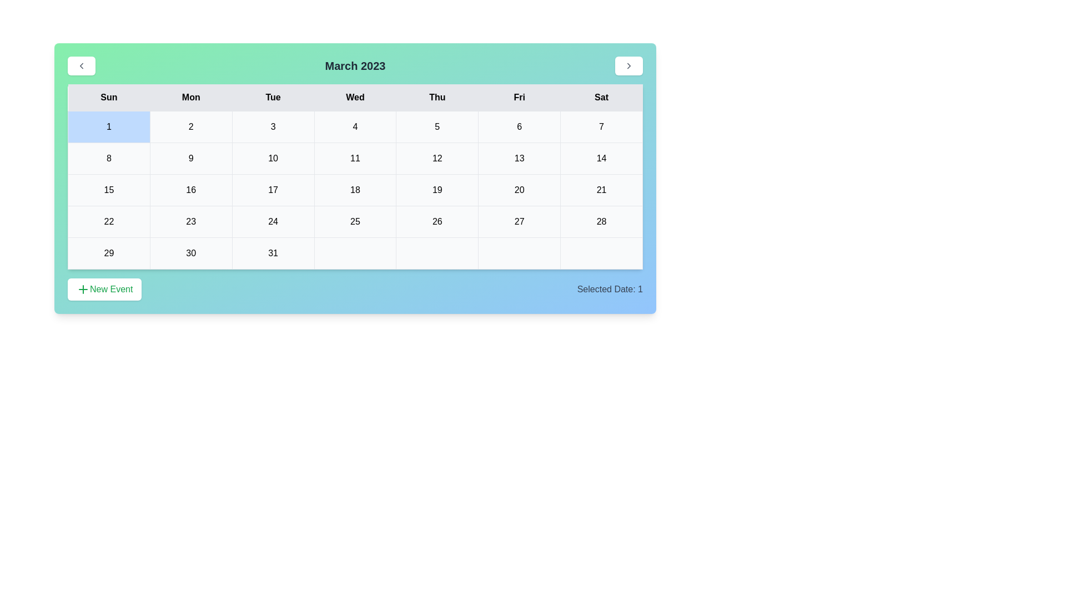 This screenshot has width=1066, height=599. What do you see at coordinates (519, 222) in the screenshot?
I see `the cell representing the date 27 in the calendar` at bounding box center [519, 222].